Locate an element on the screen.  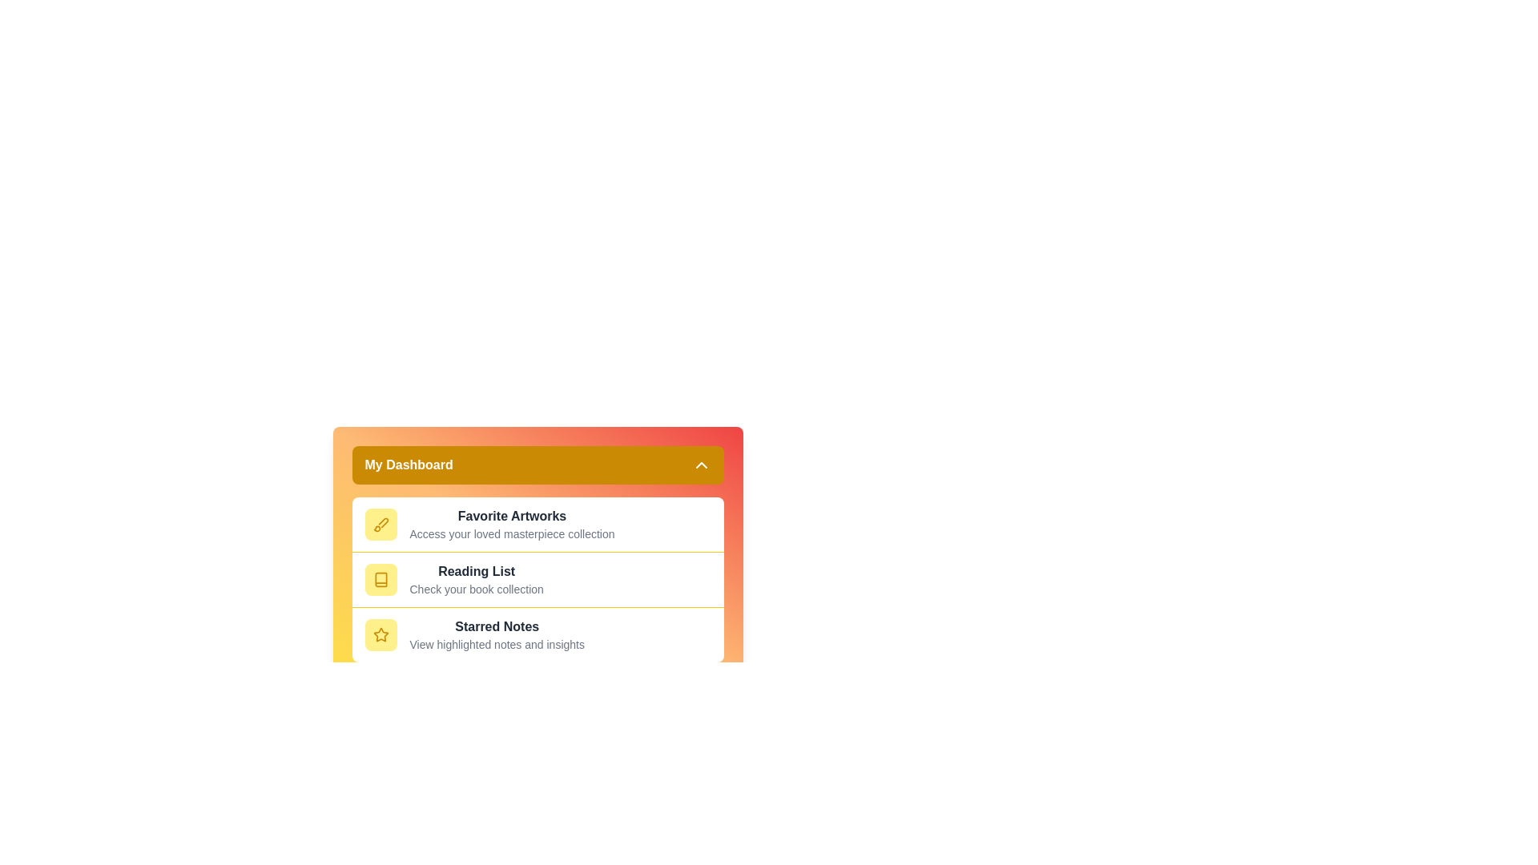
the 'Reading List' text block which consists of a heading in bold and a subtext suggesting a clean layout, positioned below 'Favorite Artworks' and above 'Starred Notes' is located at coordinates (476, 580).